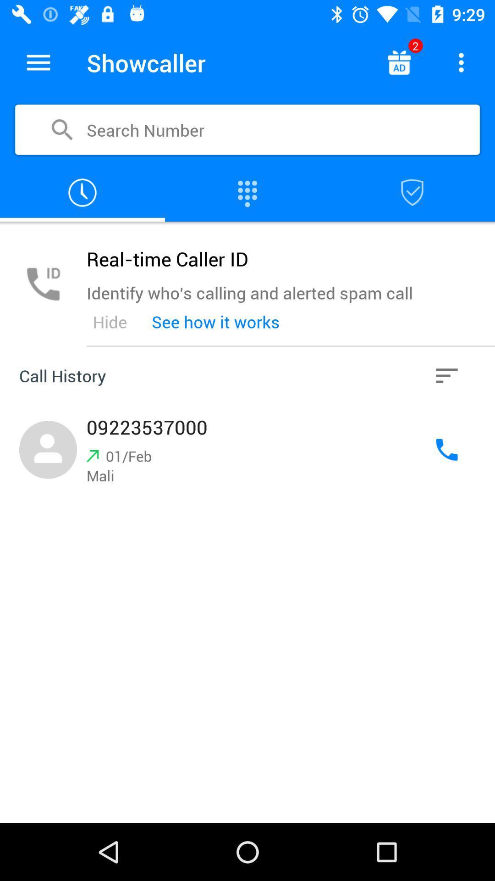  What do you see at coordinates (82, 192) in the screenshot?
I see `time for call` at bounding box center [82, 192].